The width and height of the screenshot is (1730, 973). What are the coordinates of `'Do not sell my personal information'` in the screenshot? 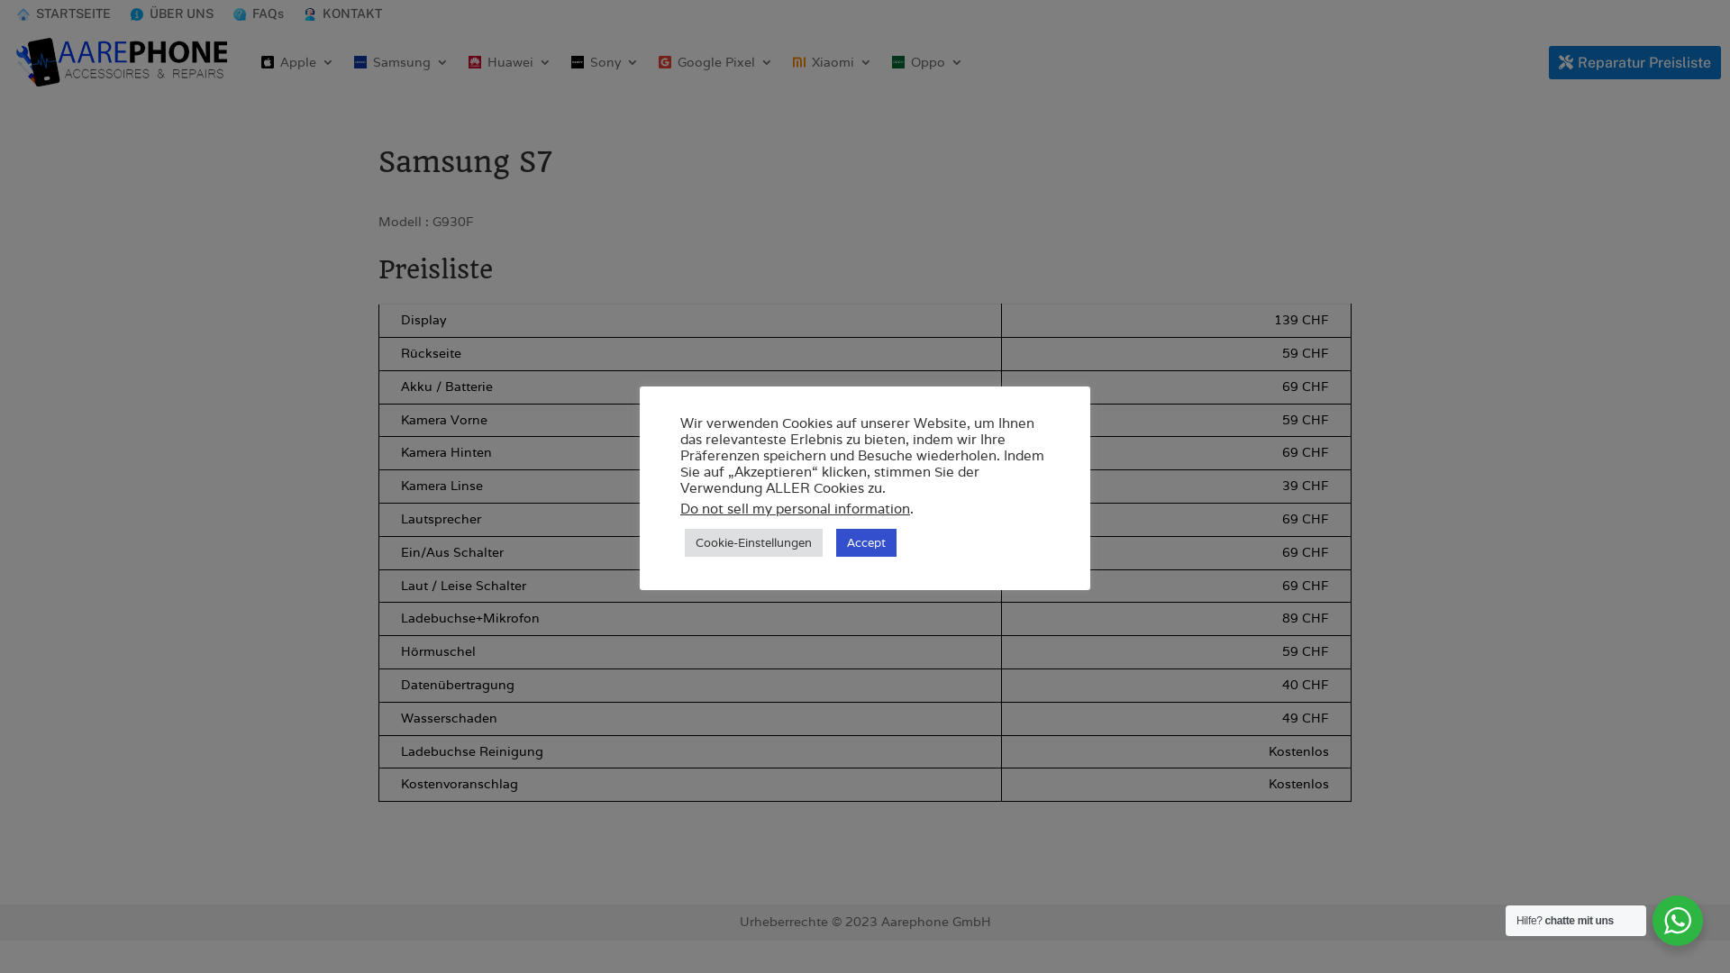 It's located at (794, 508).